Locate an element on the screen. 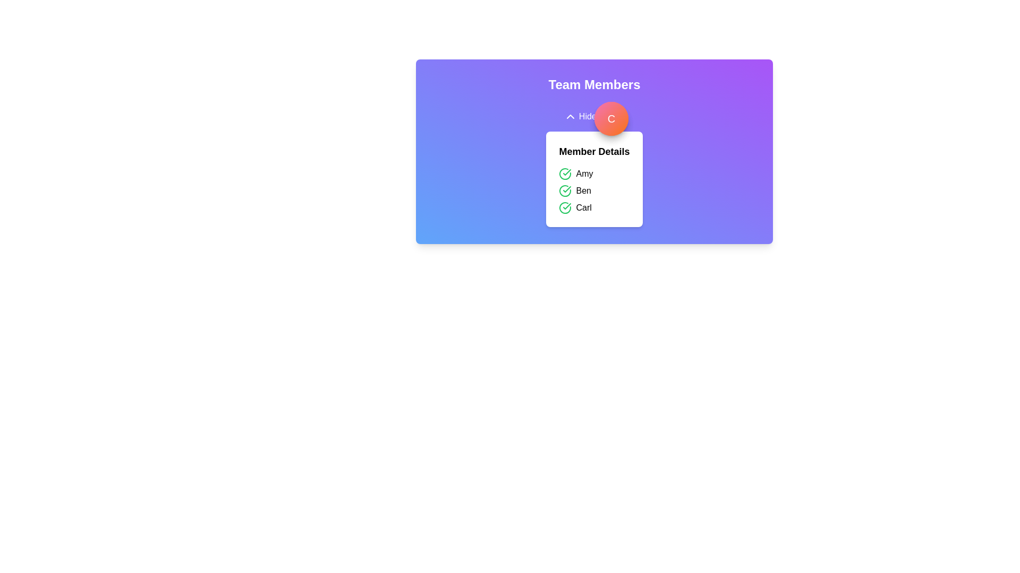 This screenshot has height=573, width=1020. the text label 'Ben' which is the second name in the list under the heading 'Member Details' is located at coordinates (583, 190).